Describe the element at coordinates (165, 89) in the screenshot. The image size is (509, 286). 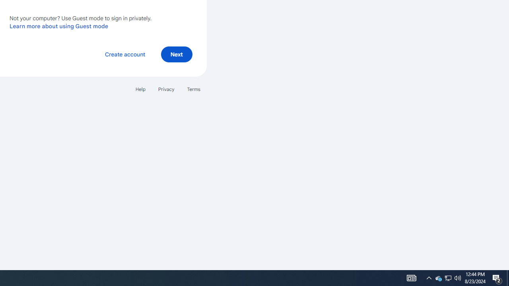
I see `'Privacy'` at that location.